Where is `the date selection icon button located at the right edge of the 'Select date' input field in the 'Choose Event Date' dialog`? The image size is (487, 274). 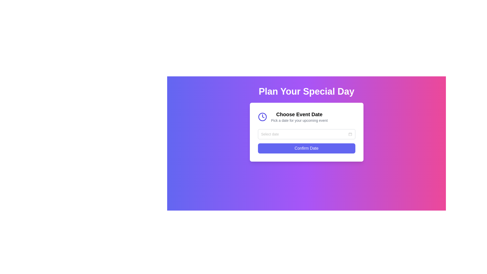
the date selection icon button located at the right edge of the 'Select date' input field in the 'Choose Event Date' dialog is located at coordinates (350, 134).